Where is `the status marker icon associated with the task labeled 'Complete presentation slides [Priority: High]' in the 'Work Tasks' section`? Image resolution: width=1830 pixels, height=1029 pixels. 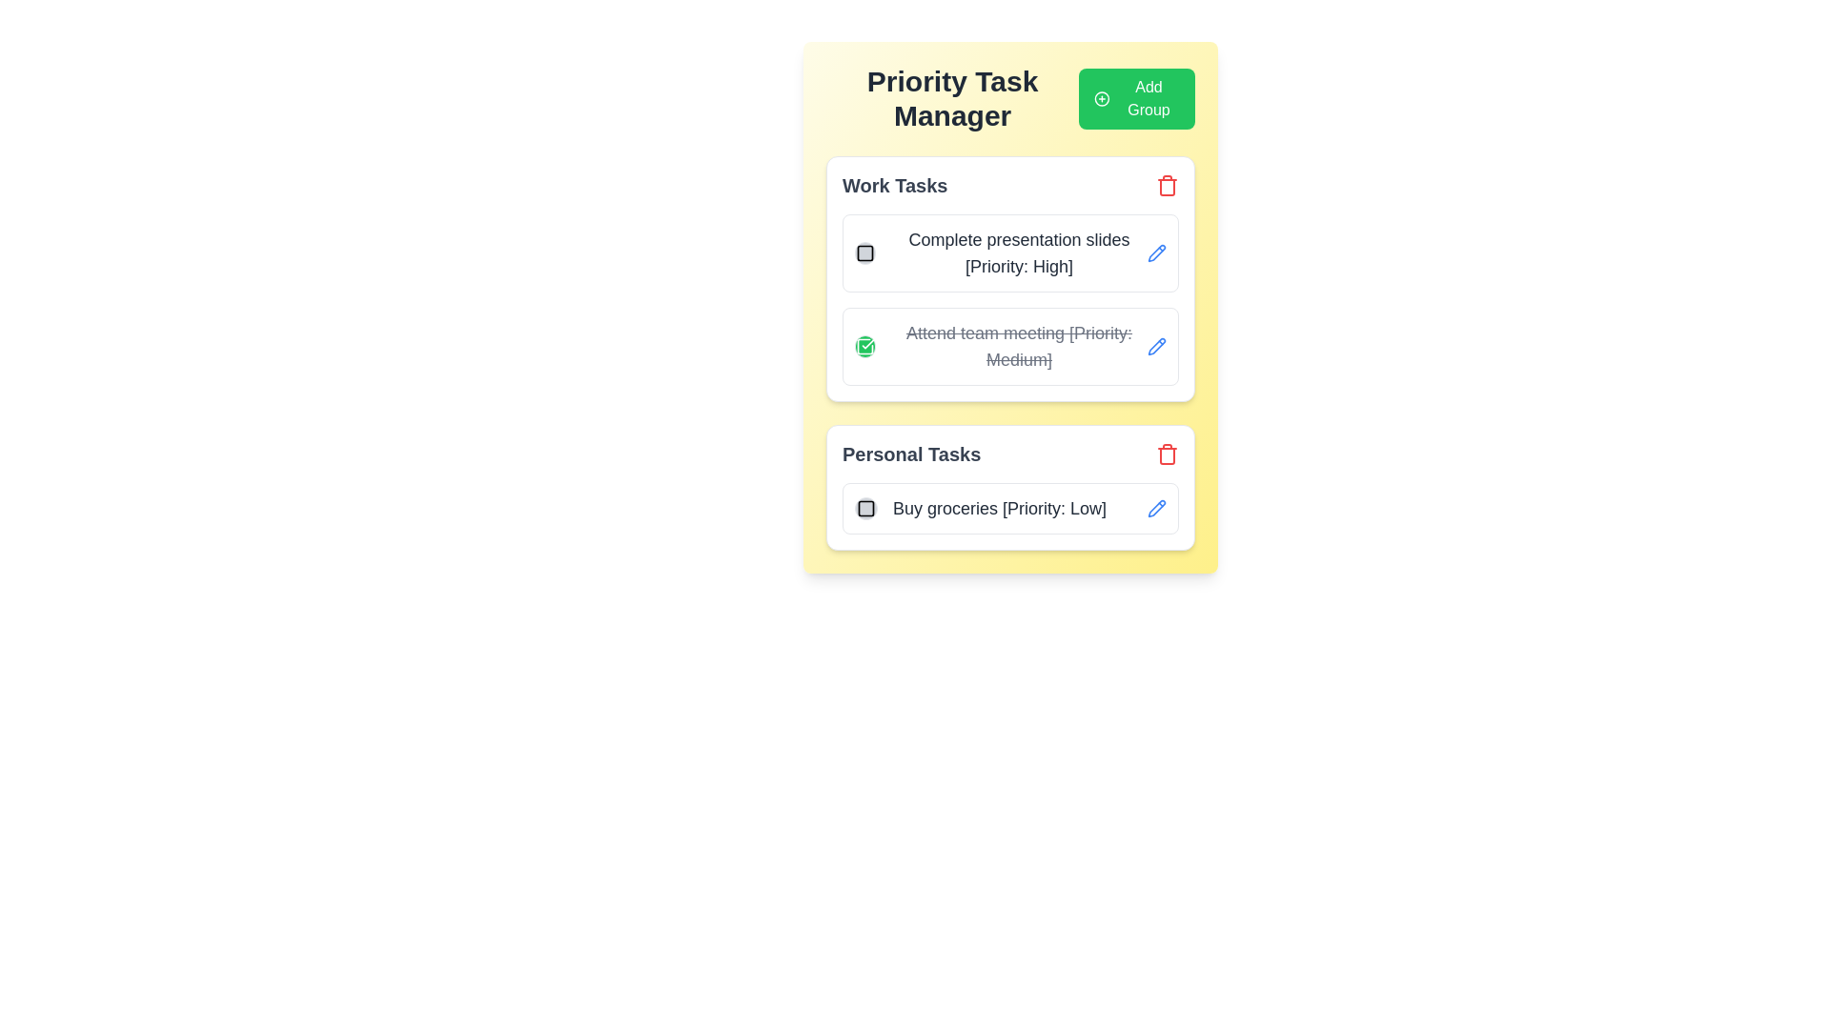
the status marker icon associated with the task labeled 'Complete presentation slides [Priority: High]' in the 'Work Tasks' section is located at coordinates (864, 252).